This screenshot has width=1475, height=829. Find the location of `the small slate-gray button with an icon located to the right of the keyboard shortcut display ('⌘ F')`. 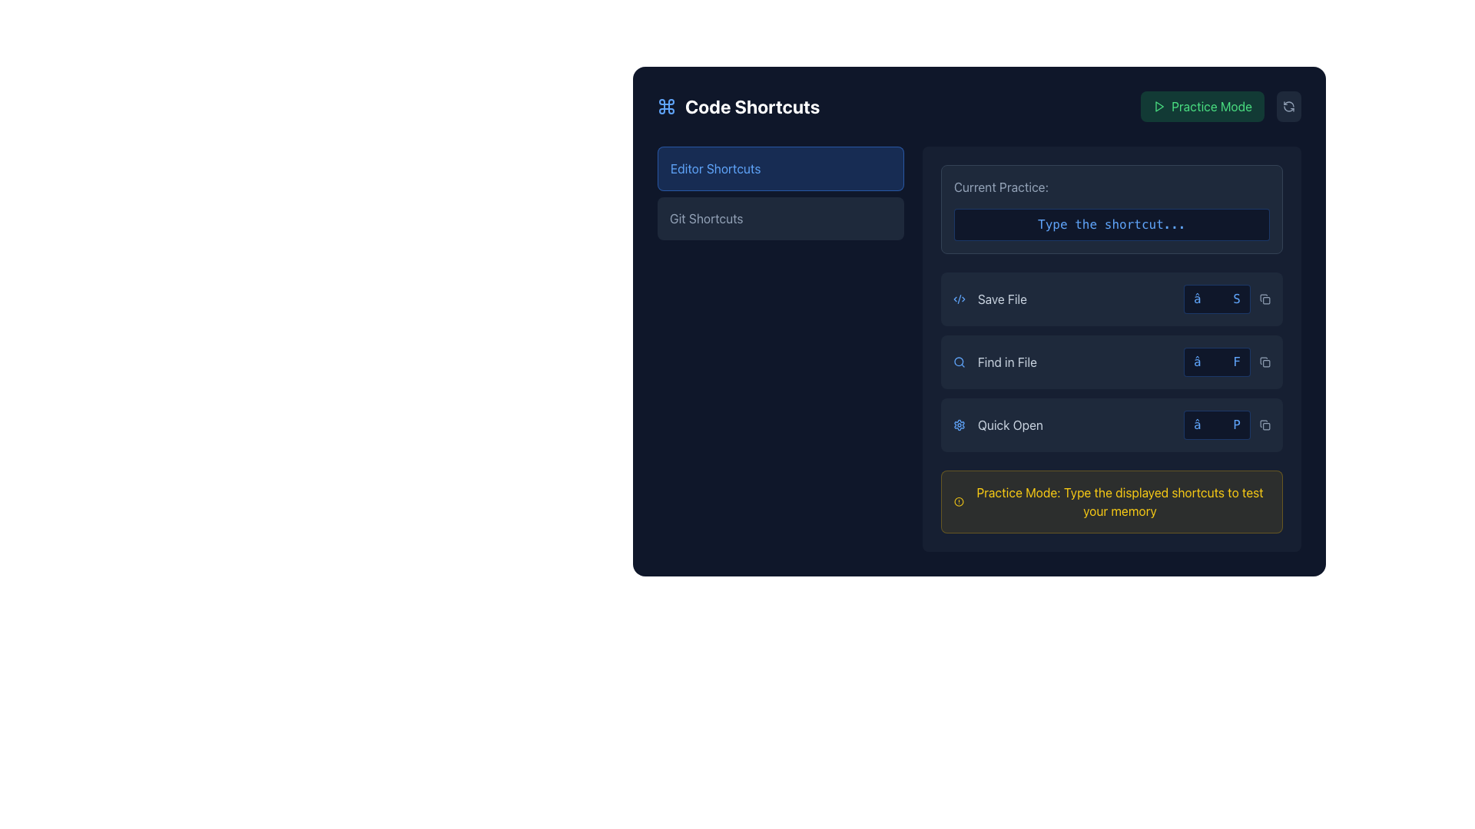

the small slate-gray button with an icon located to the right of the keyboard shortcut display ('⌘ F') is located at coordinates (1265, 362).